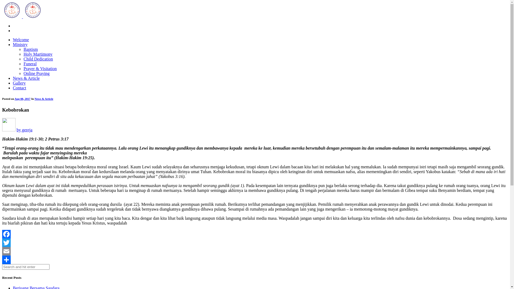 Image resolution: width=514 pixels, height=289 pixels. Describe the element at coordinates (38, 54) in the screenshot. I see `'Holy Martimony'` at that location.